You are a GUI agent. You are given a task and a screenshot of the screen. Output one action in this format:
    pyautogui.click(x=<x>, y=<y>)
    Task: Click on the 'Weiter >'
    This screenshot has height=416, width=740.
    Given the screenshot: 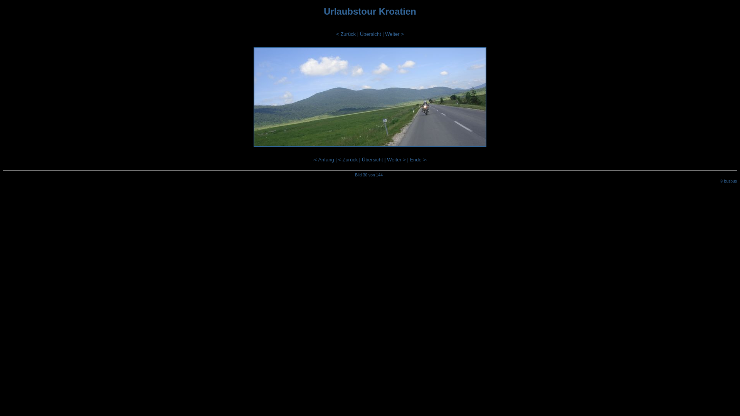 What is the action you would take?
    pyautogui.click(x=385, y=34)
    